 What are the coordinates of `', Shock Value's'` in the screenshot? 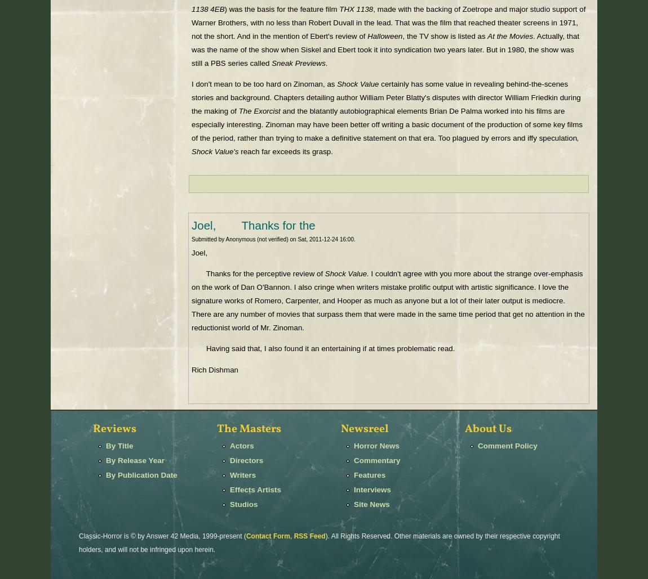 It's located at (384, 144).